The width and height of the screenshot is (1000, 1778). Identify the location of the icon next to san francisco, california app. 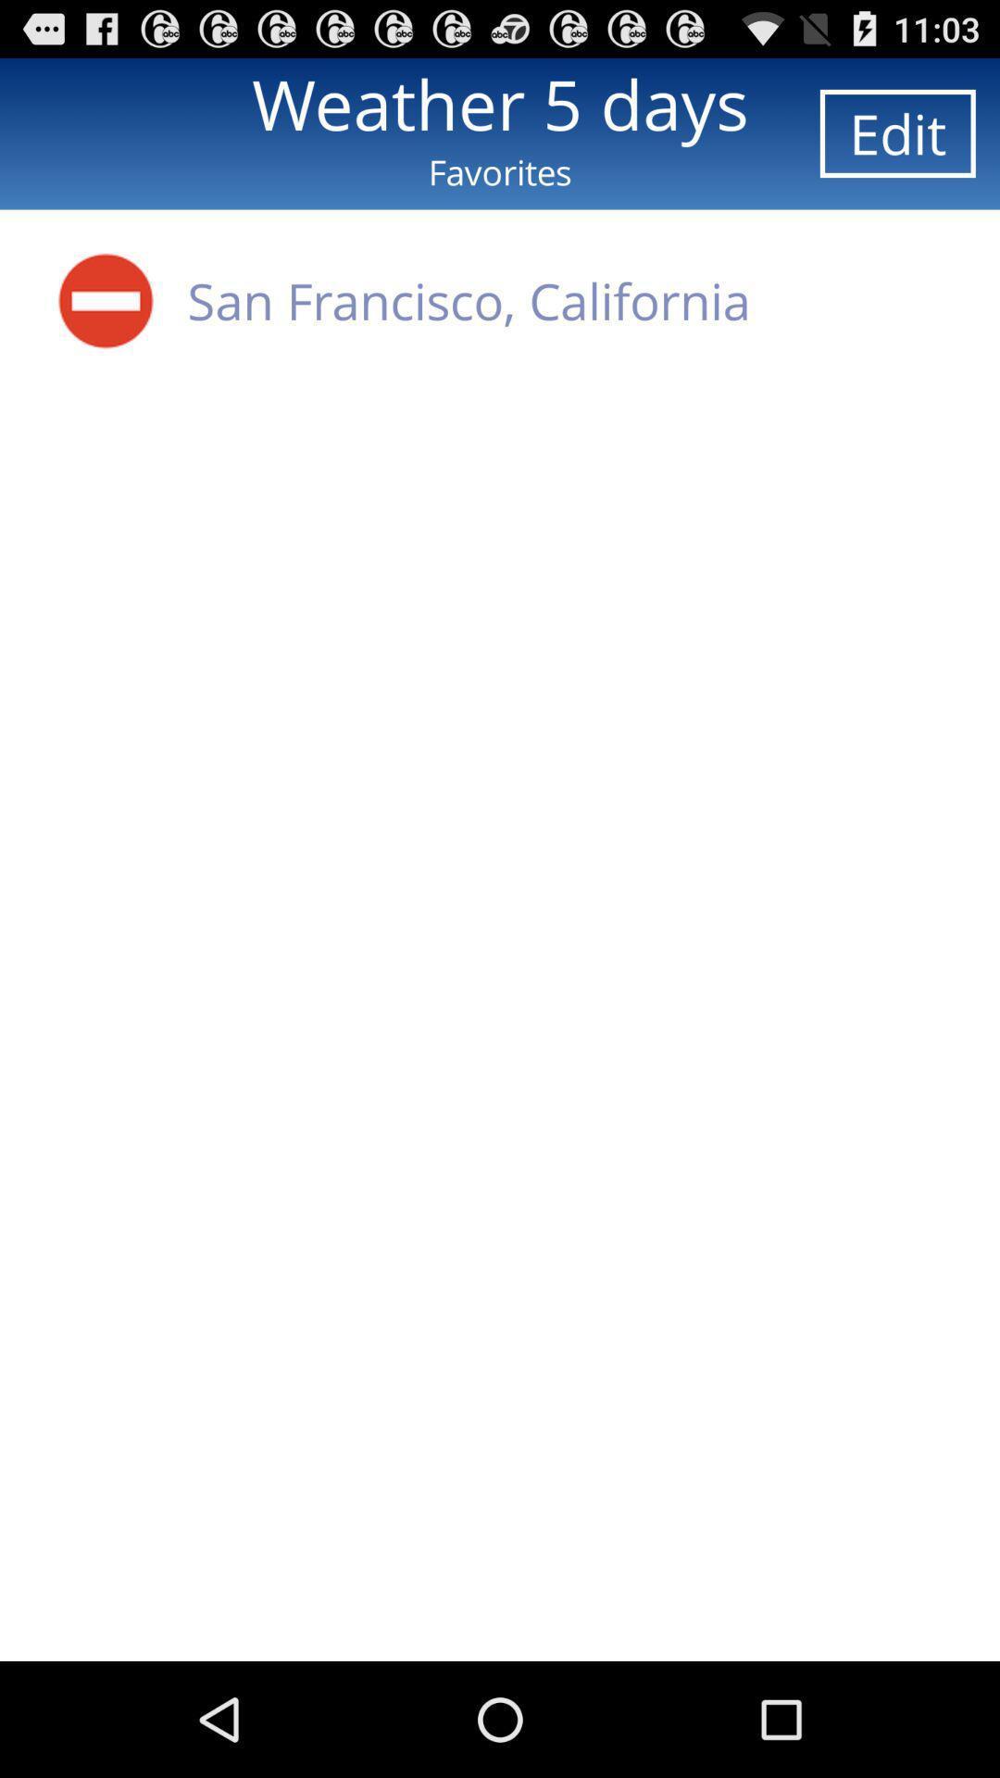
(106, 300).